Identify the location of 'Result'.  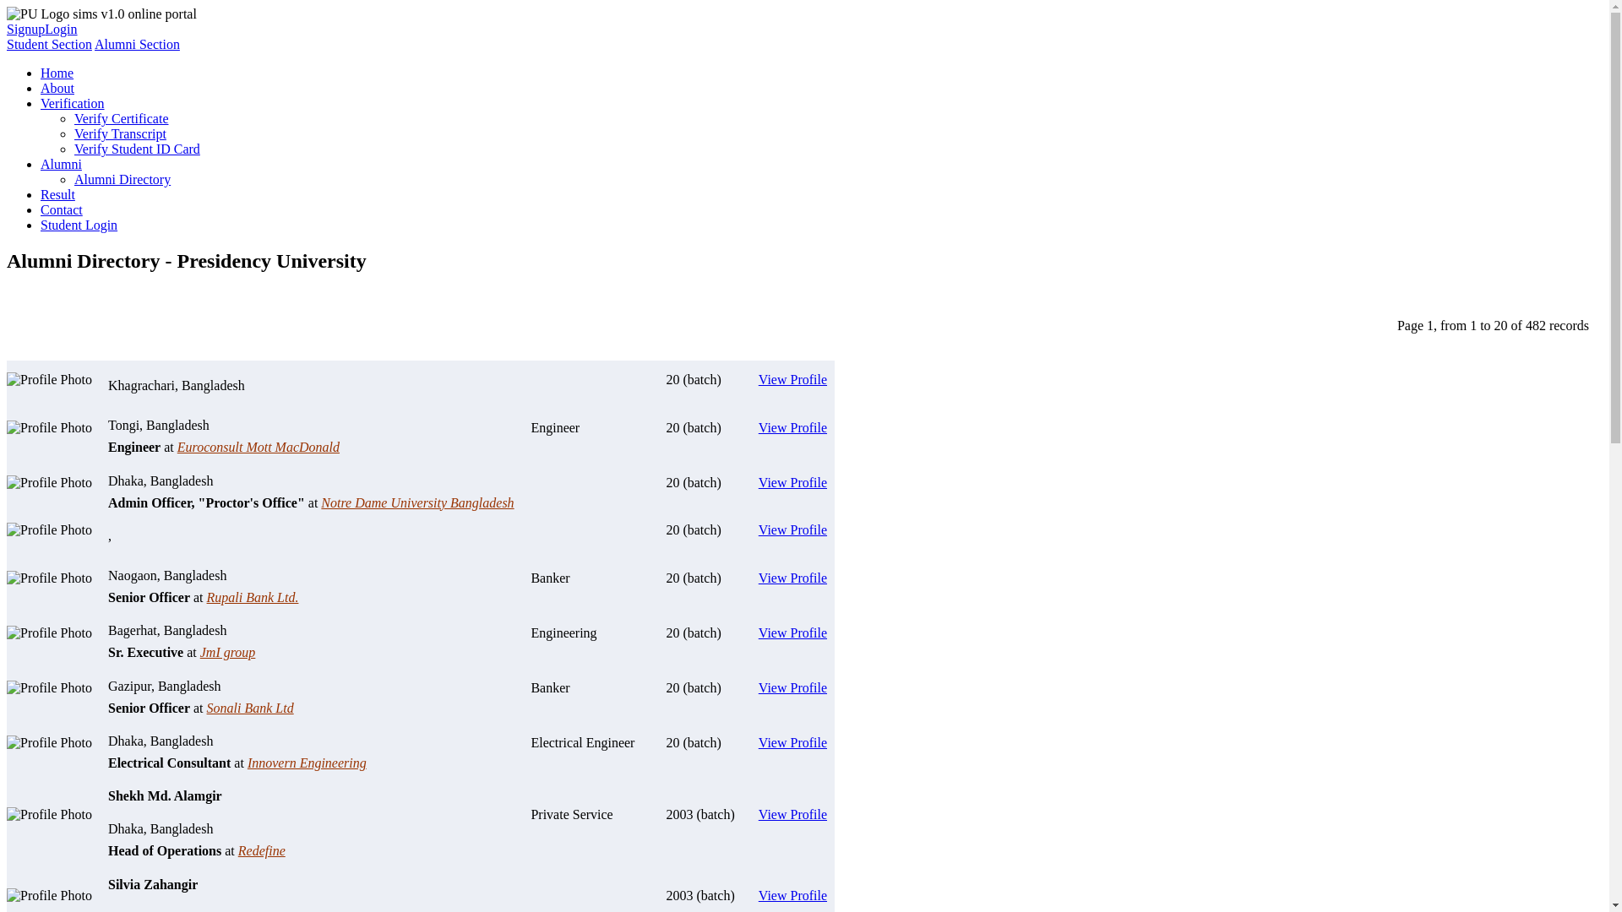
(41, 193).